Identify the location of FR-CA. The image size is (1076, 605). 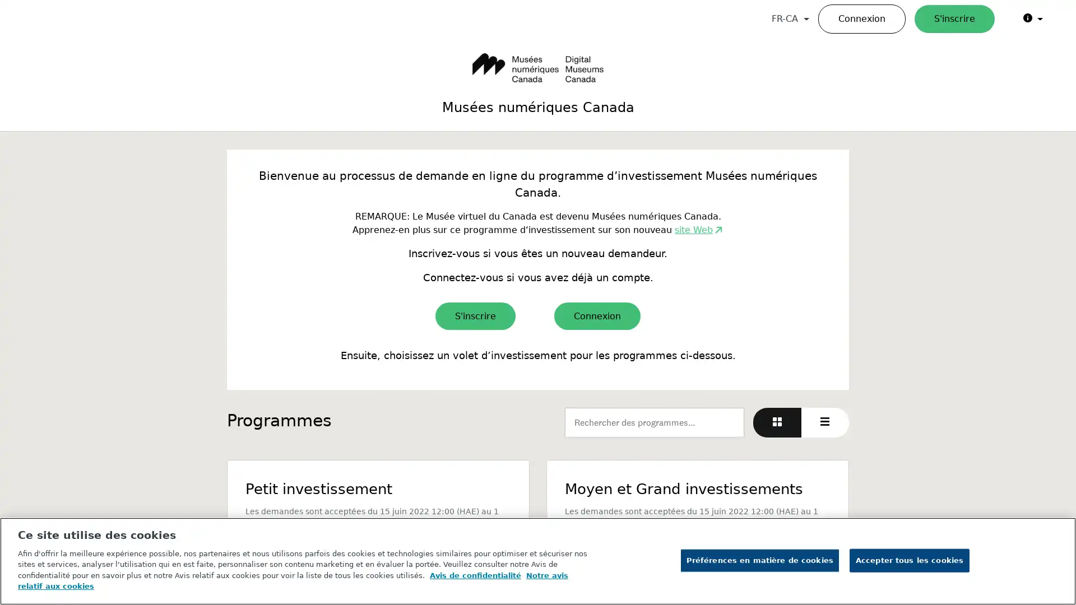
(790, 19).